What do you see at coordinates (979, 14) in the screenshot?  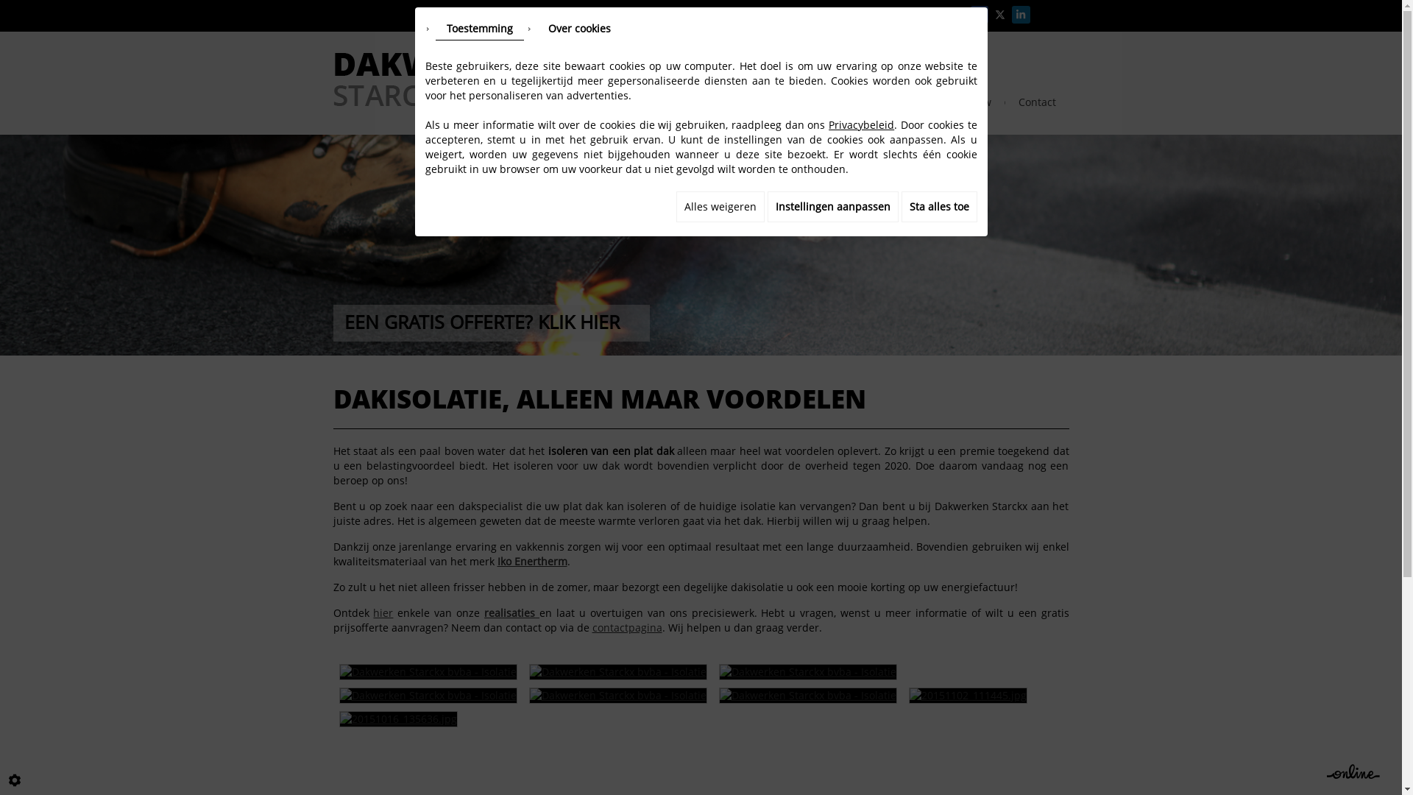 I see `'Facebook'` at bounding box center [979, 14].